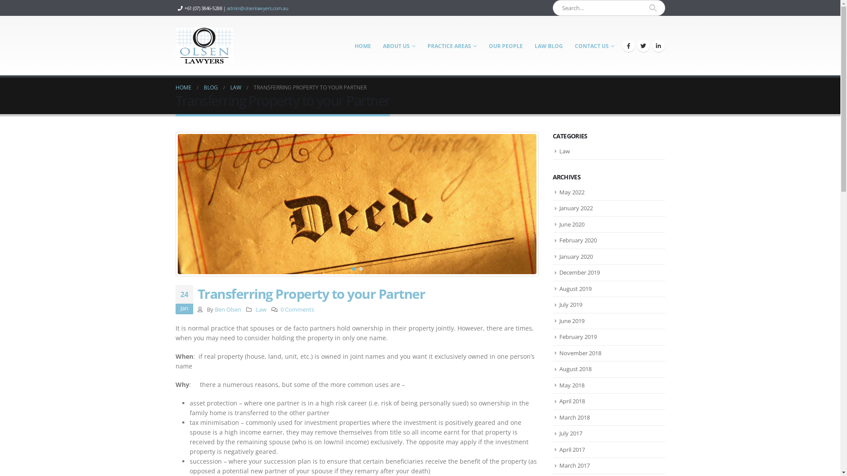 Image resolution: width=847 pixels, height=476 pixels. What do you see at coordinates (572, 385) in the screenshot?
I see `'May 2018'` at bounding box center [572, 385].